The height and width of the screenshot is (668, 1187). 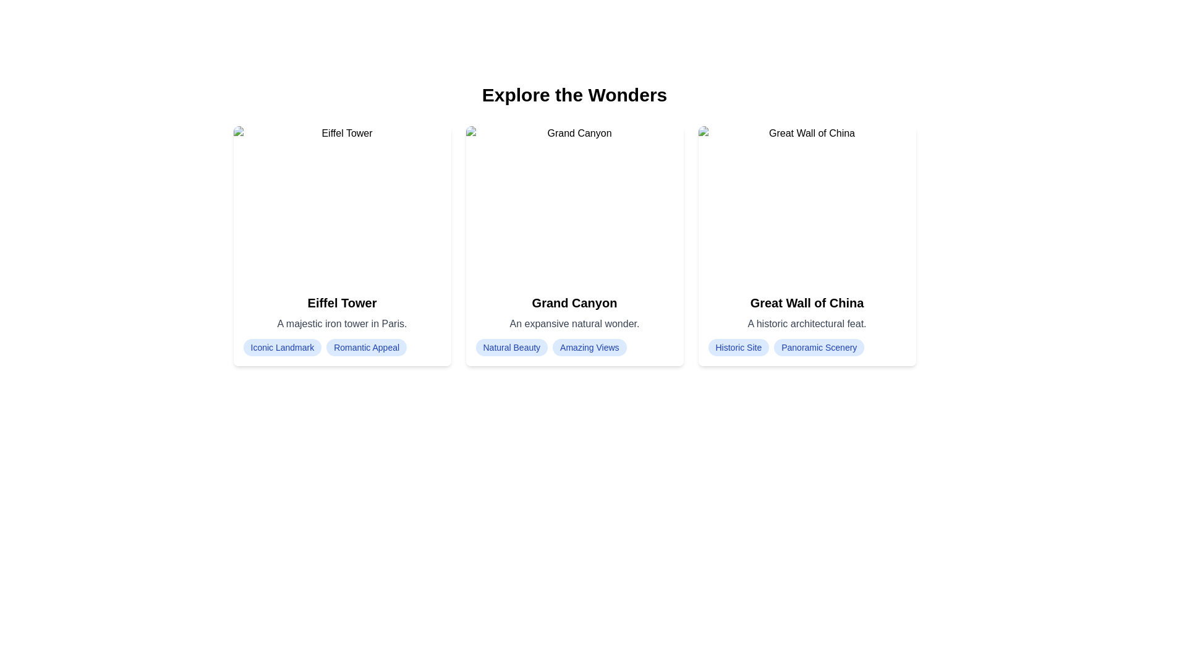 What do you see at coordinates (511, 348) in the screenshot?
I see `the badge labeled 'Natural Beauty' with a blue background located within the card describing 'Grand Canyon'` at bounding box center [511, 348].